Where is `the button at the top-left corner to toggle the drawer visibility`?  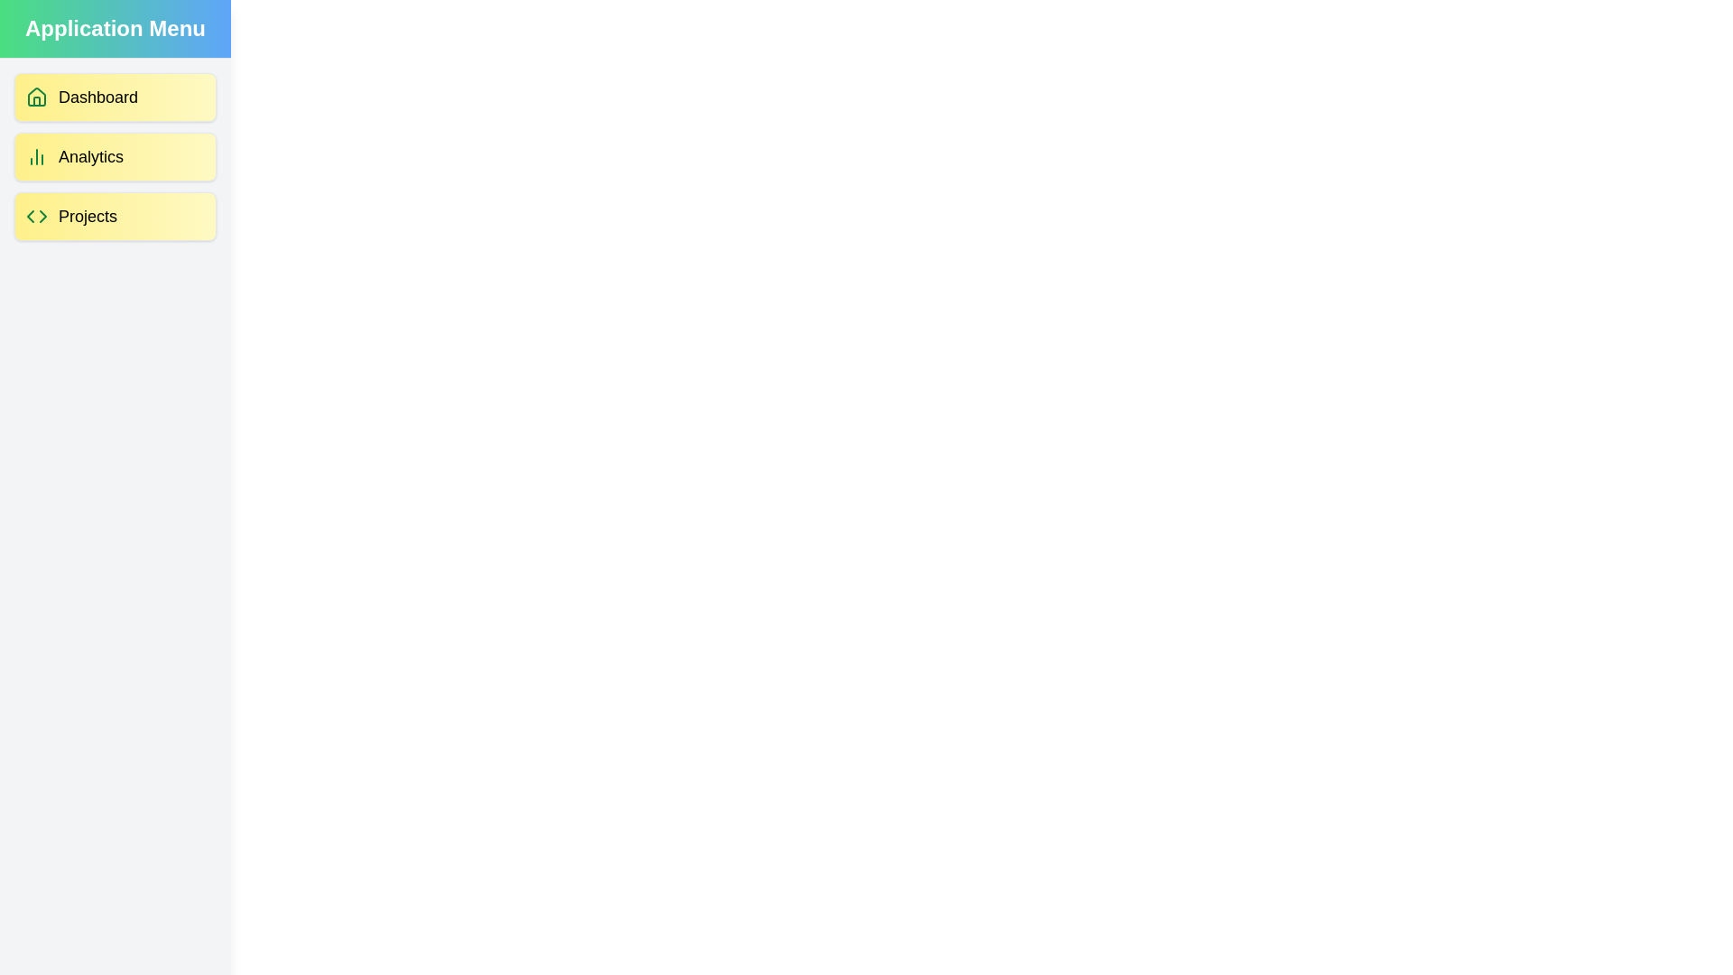 the button at the top-left corner to toggle the drawer visibility is located at coordinates (35, 35).